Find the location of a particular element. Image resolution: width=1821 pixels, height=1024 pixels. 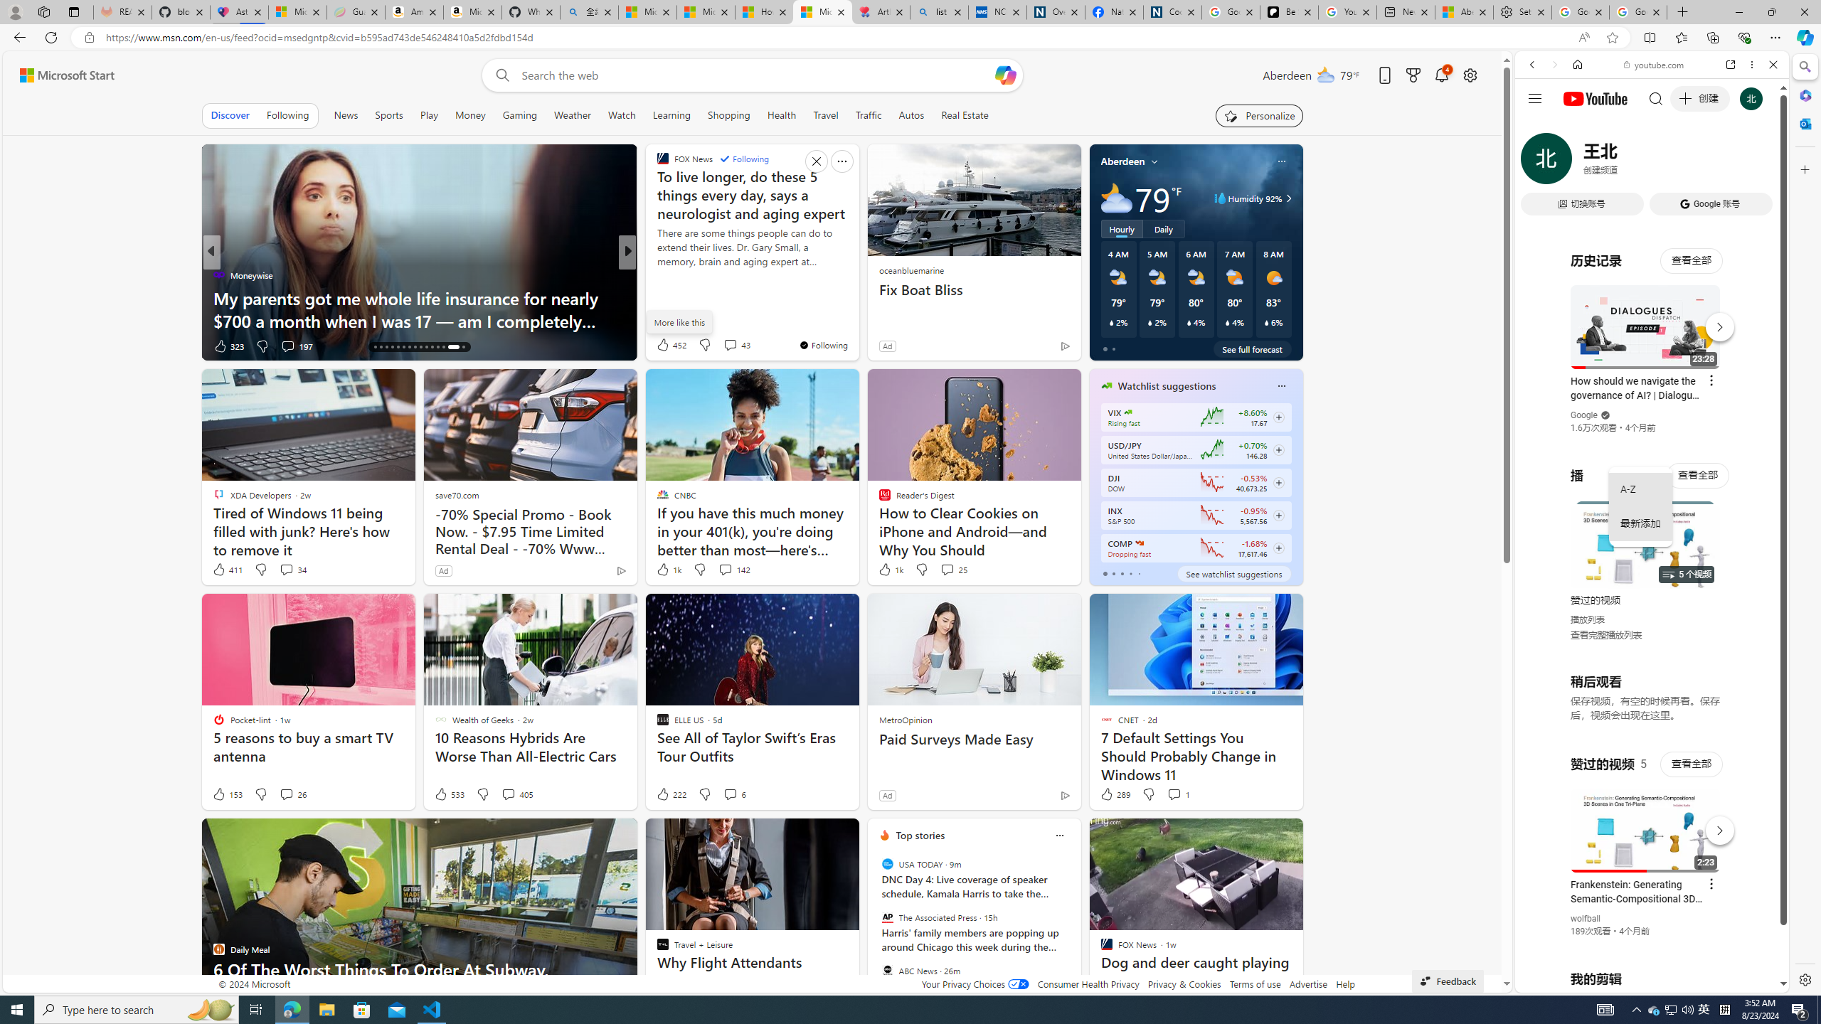

'Music' is located at coordinates (1650, 386).